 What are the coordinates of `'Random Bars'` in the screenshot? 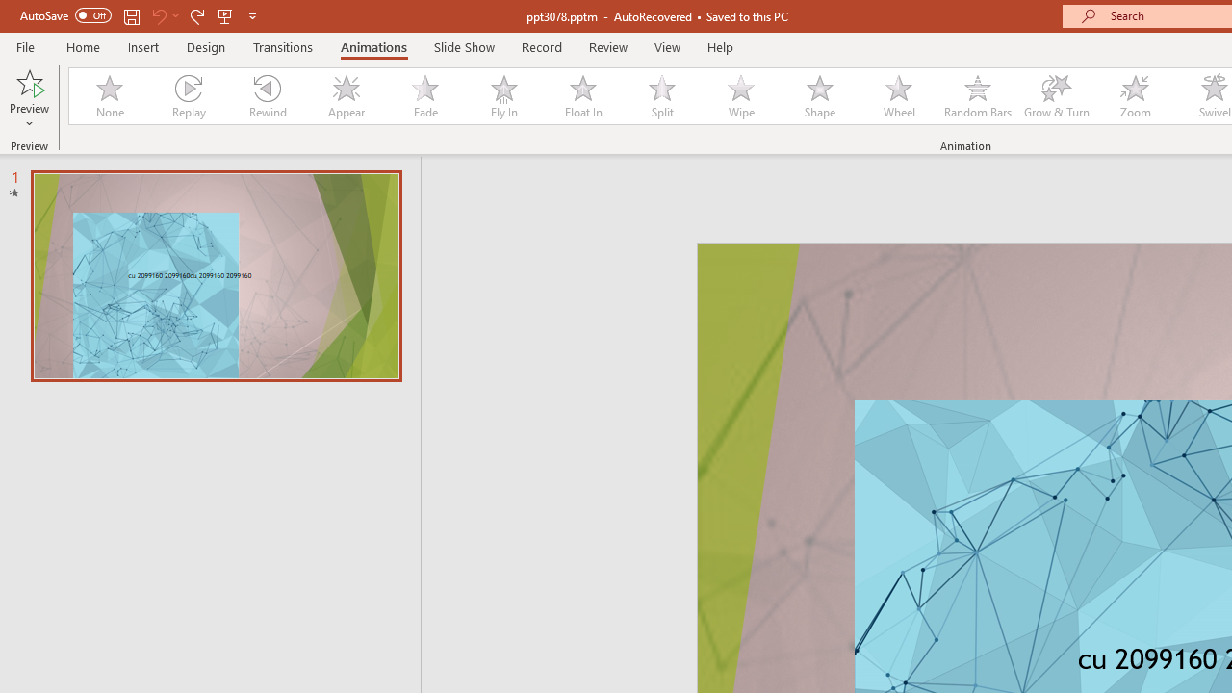 It's located at (978, 96).